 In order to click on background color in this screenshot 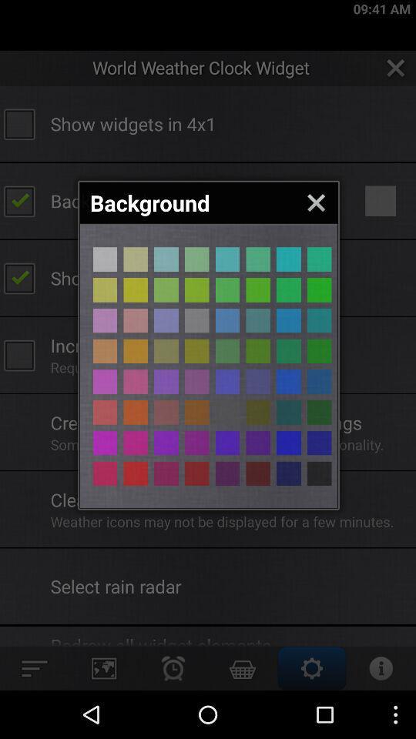, I will do `click(288, 319)`.